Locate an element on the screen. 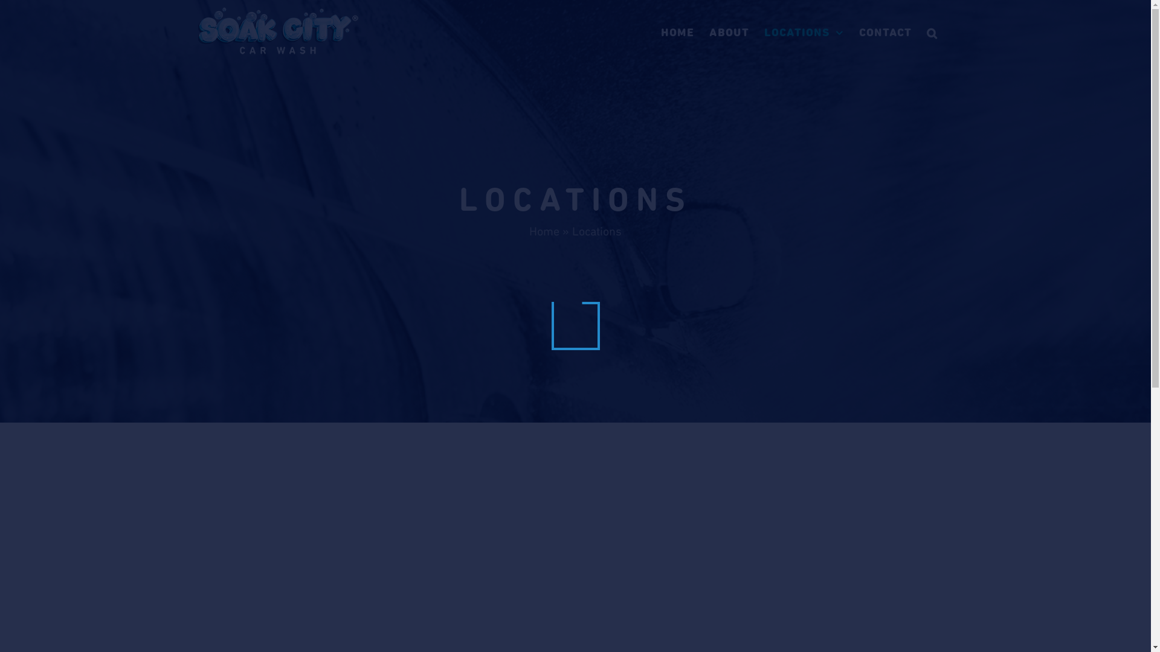 This screenshot has width=1160, height=652. 'Search' is located at coordinates (932, 32).